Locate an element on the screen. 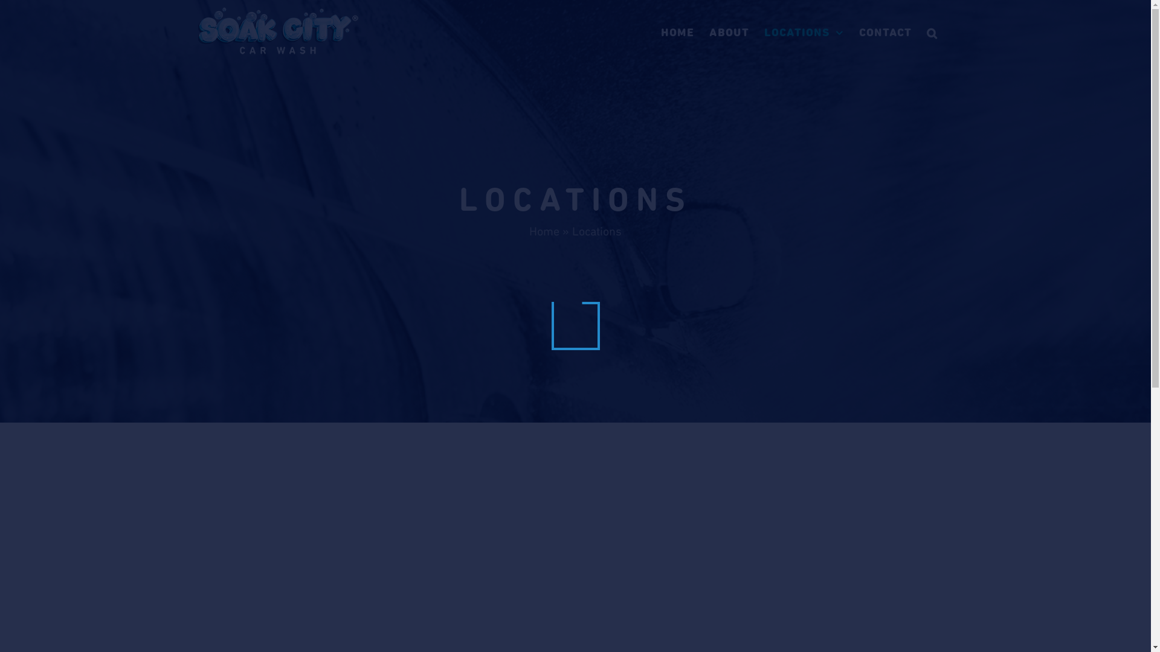 This screenshot has width=1160, height=652. 'Search' is located at coordinates (932, 32).